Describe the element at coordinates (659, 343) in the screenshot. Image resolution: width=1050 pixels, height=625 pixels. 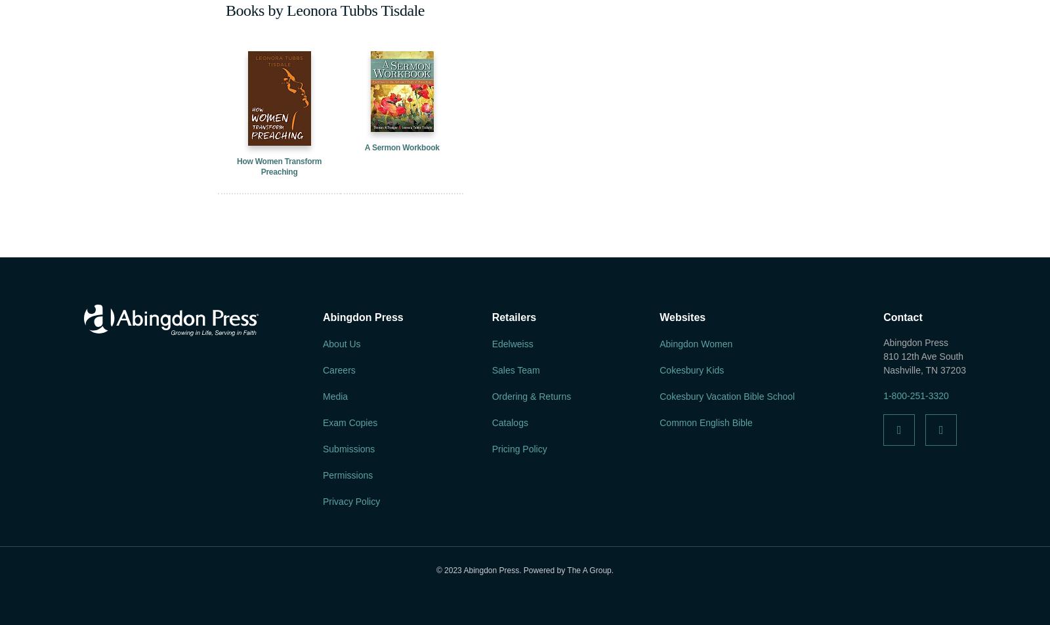
I see `'Abingdon Women'` at that location.